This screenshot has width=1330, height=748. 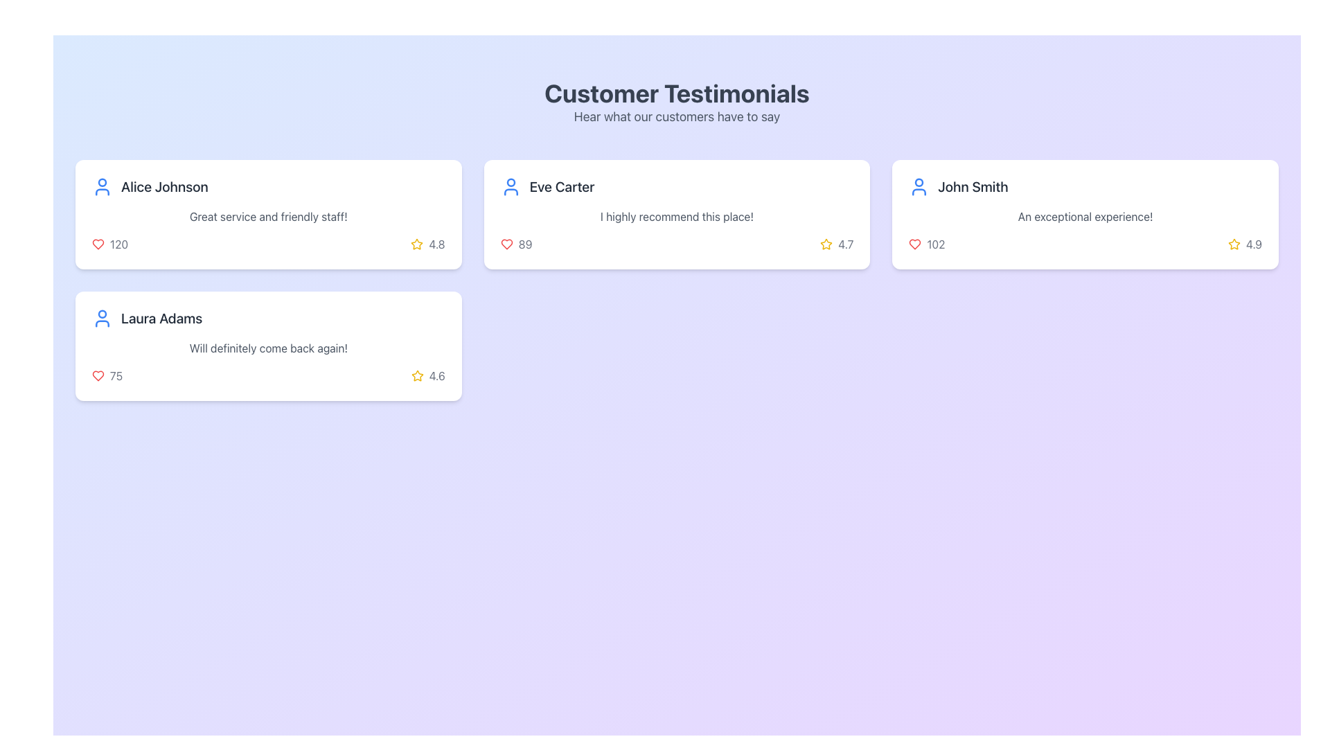 I want to click on the Testimonial Card located at the top-left of the three-column grid layout to trigger additional effects such as shadow enhancement, so click(x=268, y=214).